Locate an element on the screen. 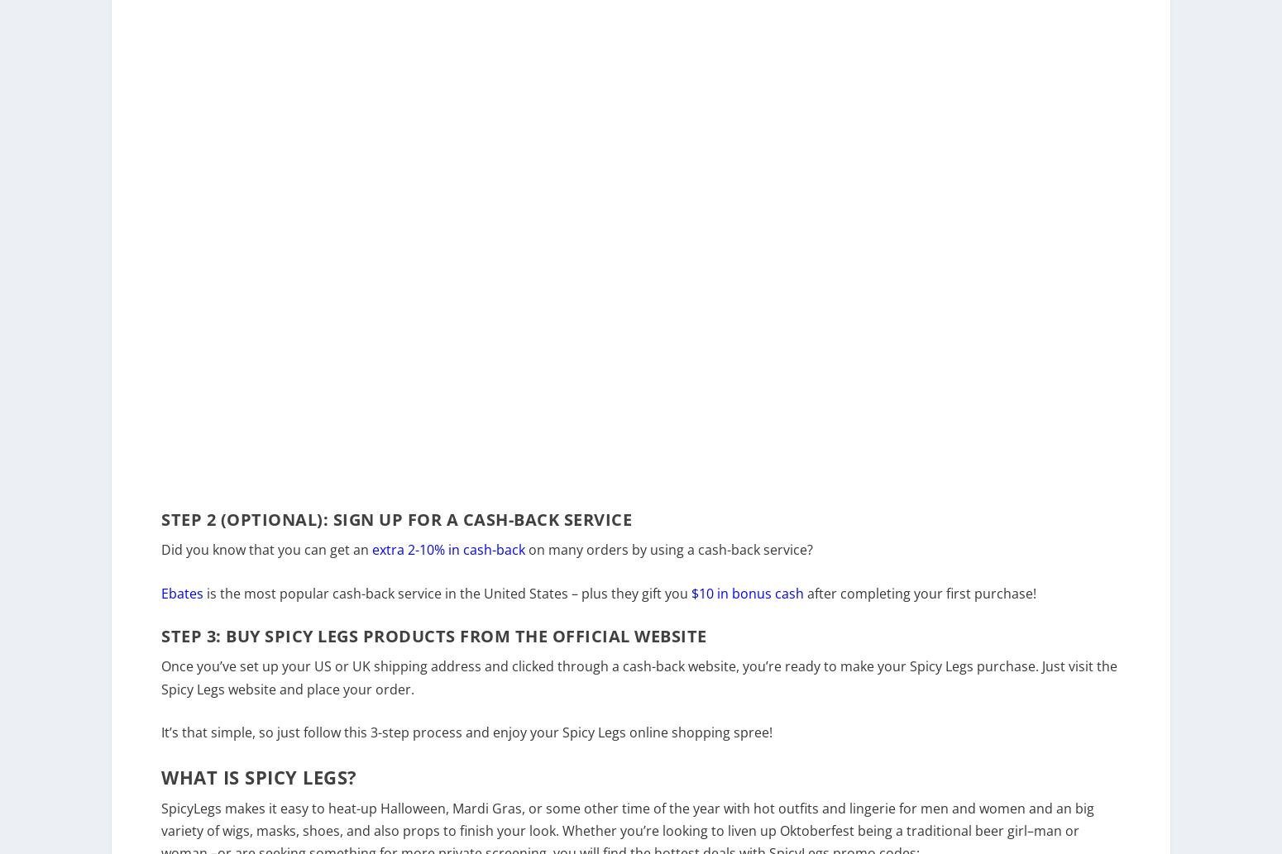  'in the United States – plus they gift you' is located at coordinates (565, 604).